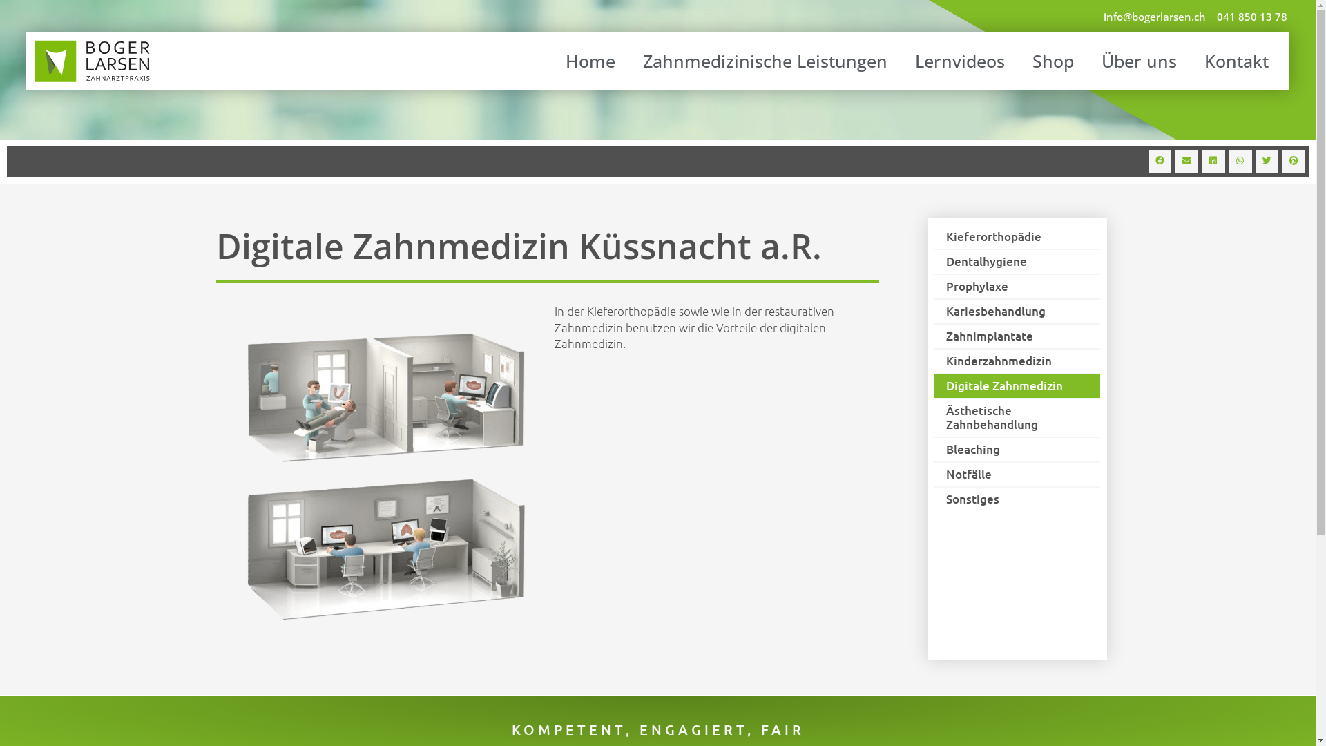  Describe the element at coordinates (959, 60) in the screenshot. I see `'Lernvideos'` at that location.